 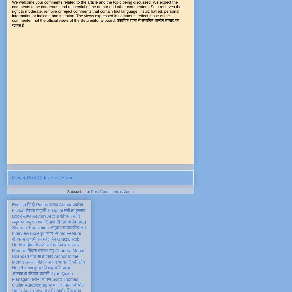 What do you see at coordinates (67, 233) in the screenshot?
I see `'Photo Feature'` at bounding box center [67, 233].